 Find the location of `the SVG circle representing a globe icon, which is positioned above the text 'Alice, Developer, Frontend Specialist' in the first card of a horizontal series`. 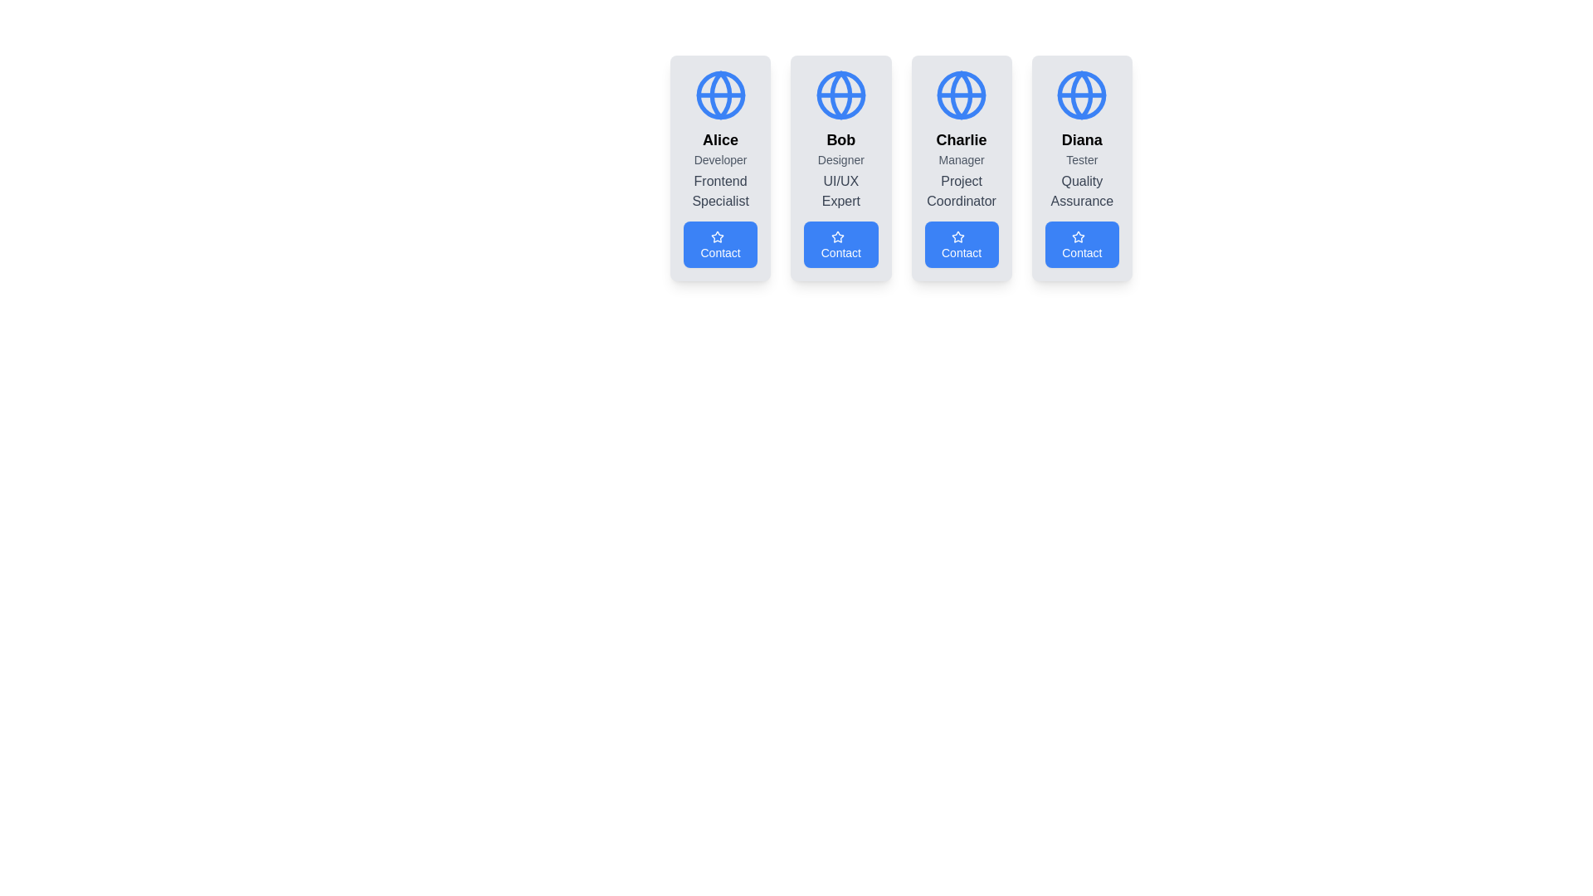

the SVG circle representing a globe icon, which is positioned above the text 'Alice, Developer, Frontend Specialist' in the first card of a horizontal series is located at coordinates (720, 95).